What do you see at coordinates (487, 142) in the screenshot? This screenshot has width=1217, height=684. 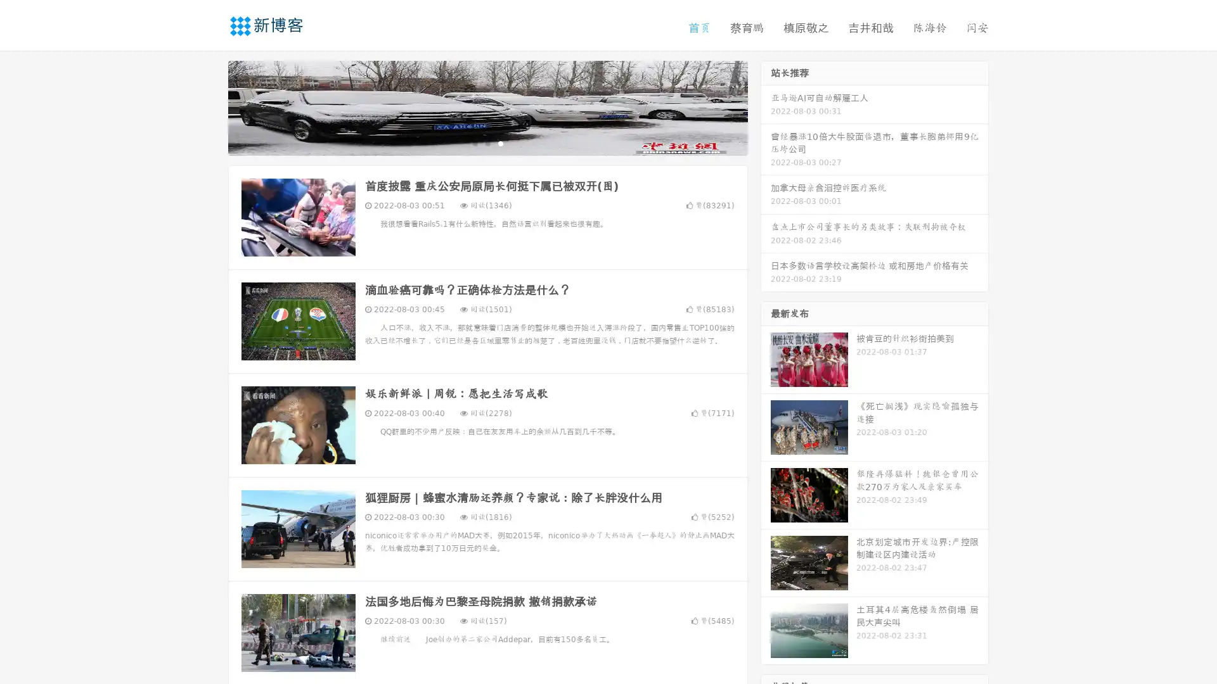 I see `Go to slide 2` at bounding box center [487, 142].